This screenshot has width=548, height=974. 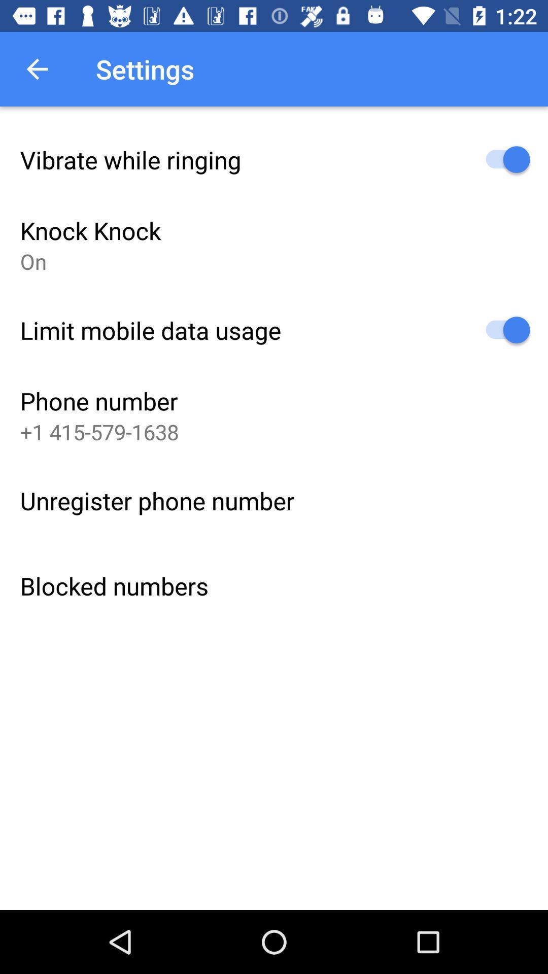 What do you see at coordinates (151, 330) in the screenshot?
I see `item above phone number item` at bounding box center [151, 330].